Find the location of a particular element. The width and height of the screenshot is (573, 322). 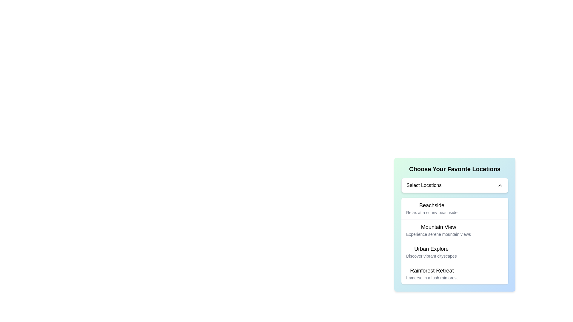

the 'Mountain View' text header, which is the second item in the list under 'Choose Your Favorite Locations', displayed in a larger, bold font is located at coordinates (438, 227).